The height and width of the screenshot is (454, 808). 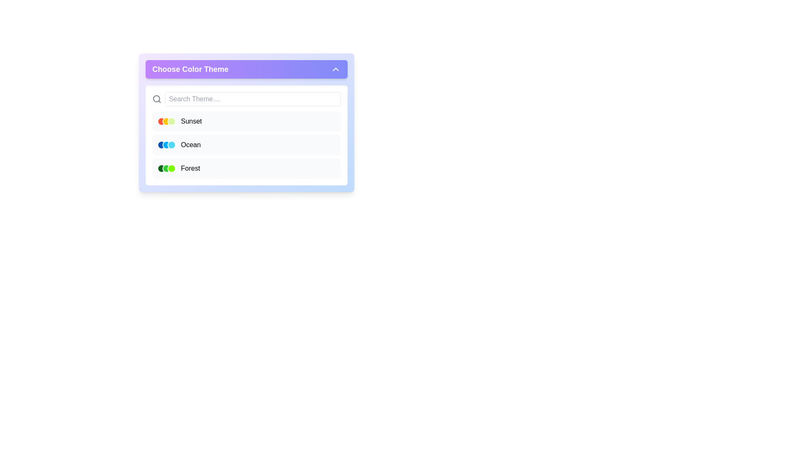 What do you see at coordinates (166, 144) in the screenshot?
I see `the visual indicator button` at bounding box center [166, 144].